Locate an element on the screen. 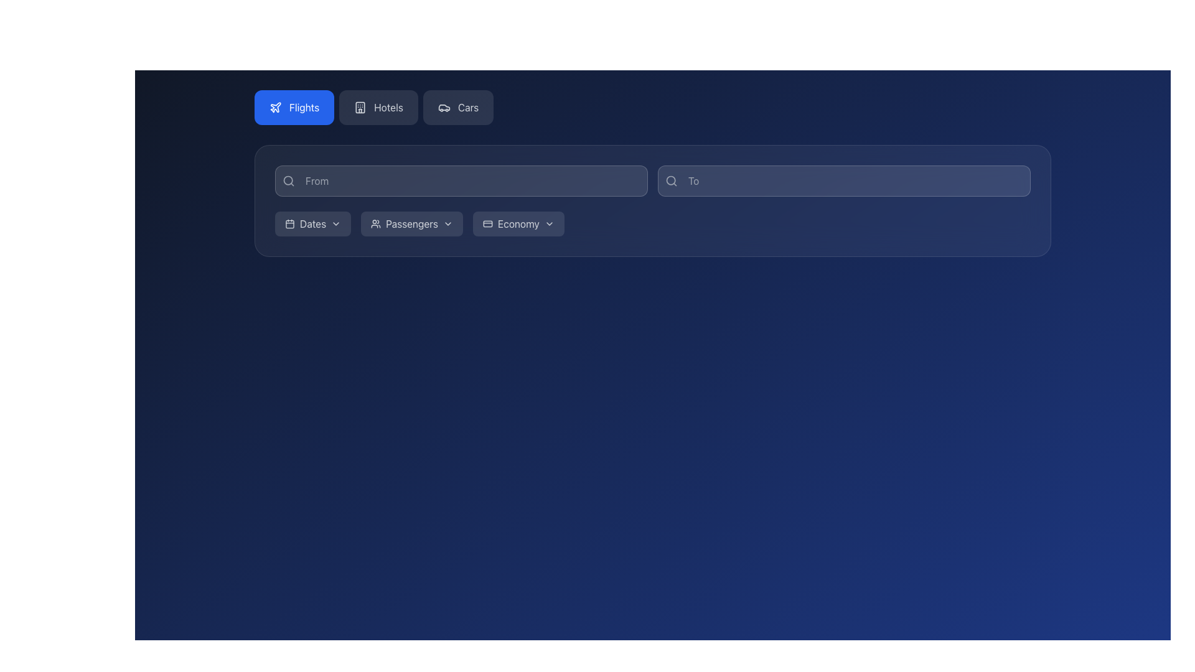 This screenshot has width=1195, height=672. the 'Hotels' category selector button located in the top section of the interface, between the 'Flights' and 'Cars' options is located at coordinates (388, 107).